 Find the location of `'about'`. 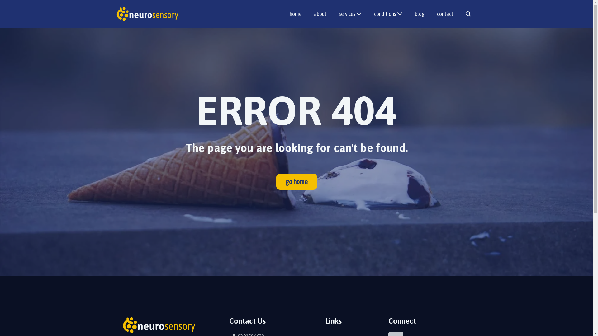

'about' is located at coordinates (320, 14).